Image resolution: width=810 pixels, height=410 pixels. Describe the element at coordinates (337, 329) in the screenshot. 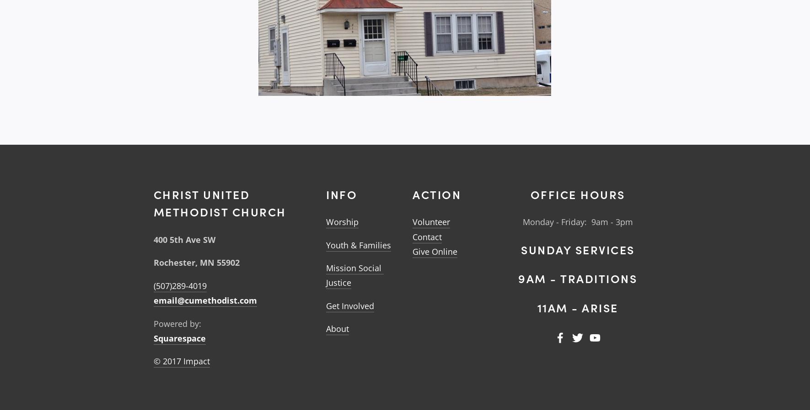

I see `'About'` at that location.